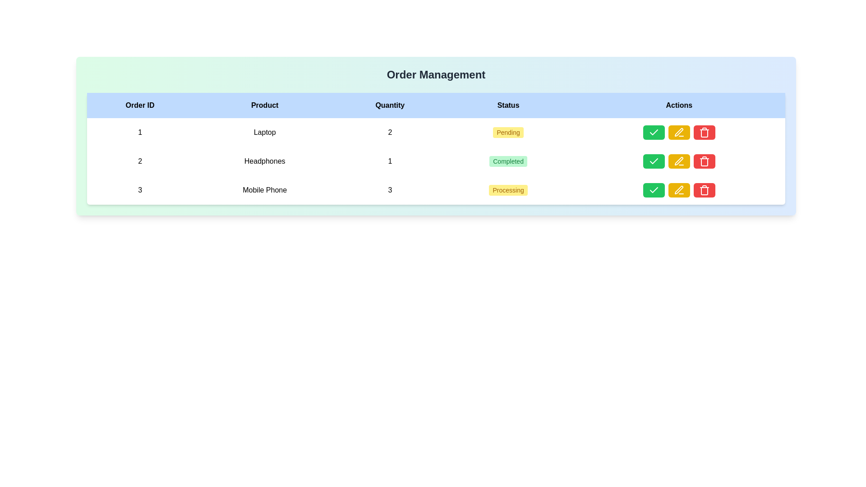 The height and width of the screenshot is (487, 866). I want to click on the 'Actions' column header in the table, which is positioned in the upper-right corner of the header row, so click(679, 105).